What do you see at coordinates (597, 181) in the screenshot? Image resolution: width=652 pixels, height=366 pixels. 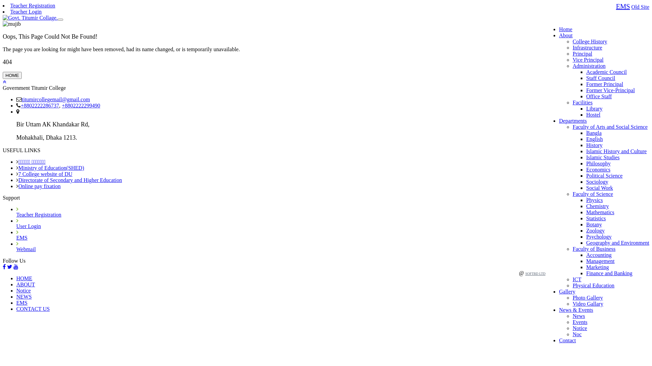 I see `'Sociology'` at bounding box center [597, 181].